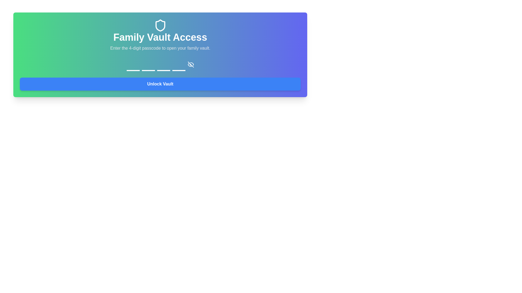 This screenshot has width=522, height=293. Describe the element at coordinates (160, 25) in the screenshot. I see `the decorative icon related to protection or security located above the 'Family Vault Access' text` at that location.